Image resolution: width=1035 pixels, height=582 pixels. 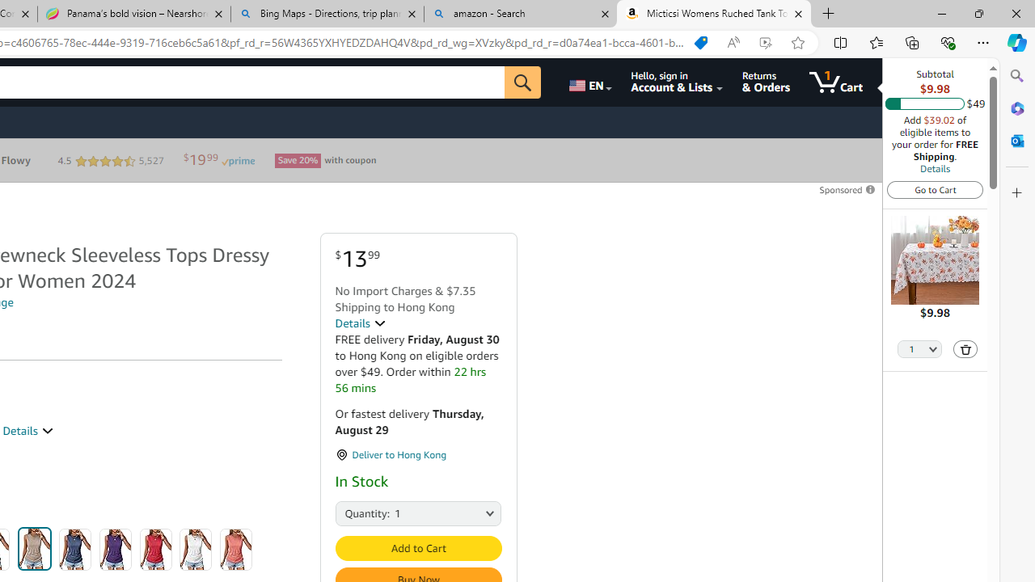 I want to click on 'Navy Blue', so click(x=74, y=549).